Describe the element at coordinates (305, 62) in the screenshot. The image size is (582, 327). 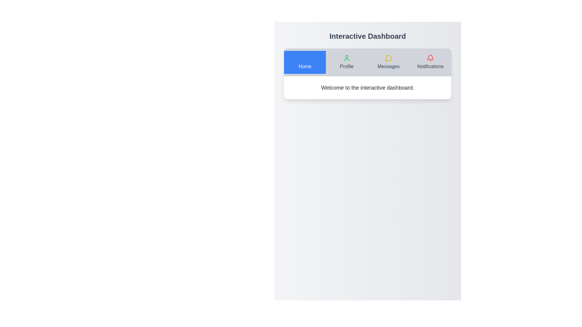
I see `the leftmost button in the top navigation bar` at that location.